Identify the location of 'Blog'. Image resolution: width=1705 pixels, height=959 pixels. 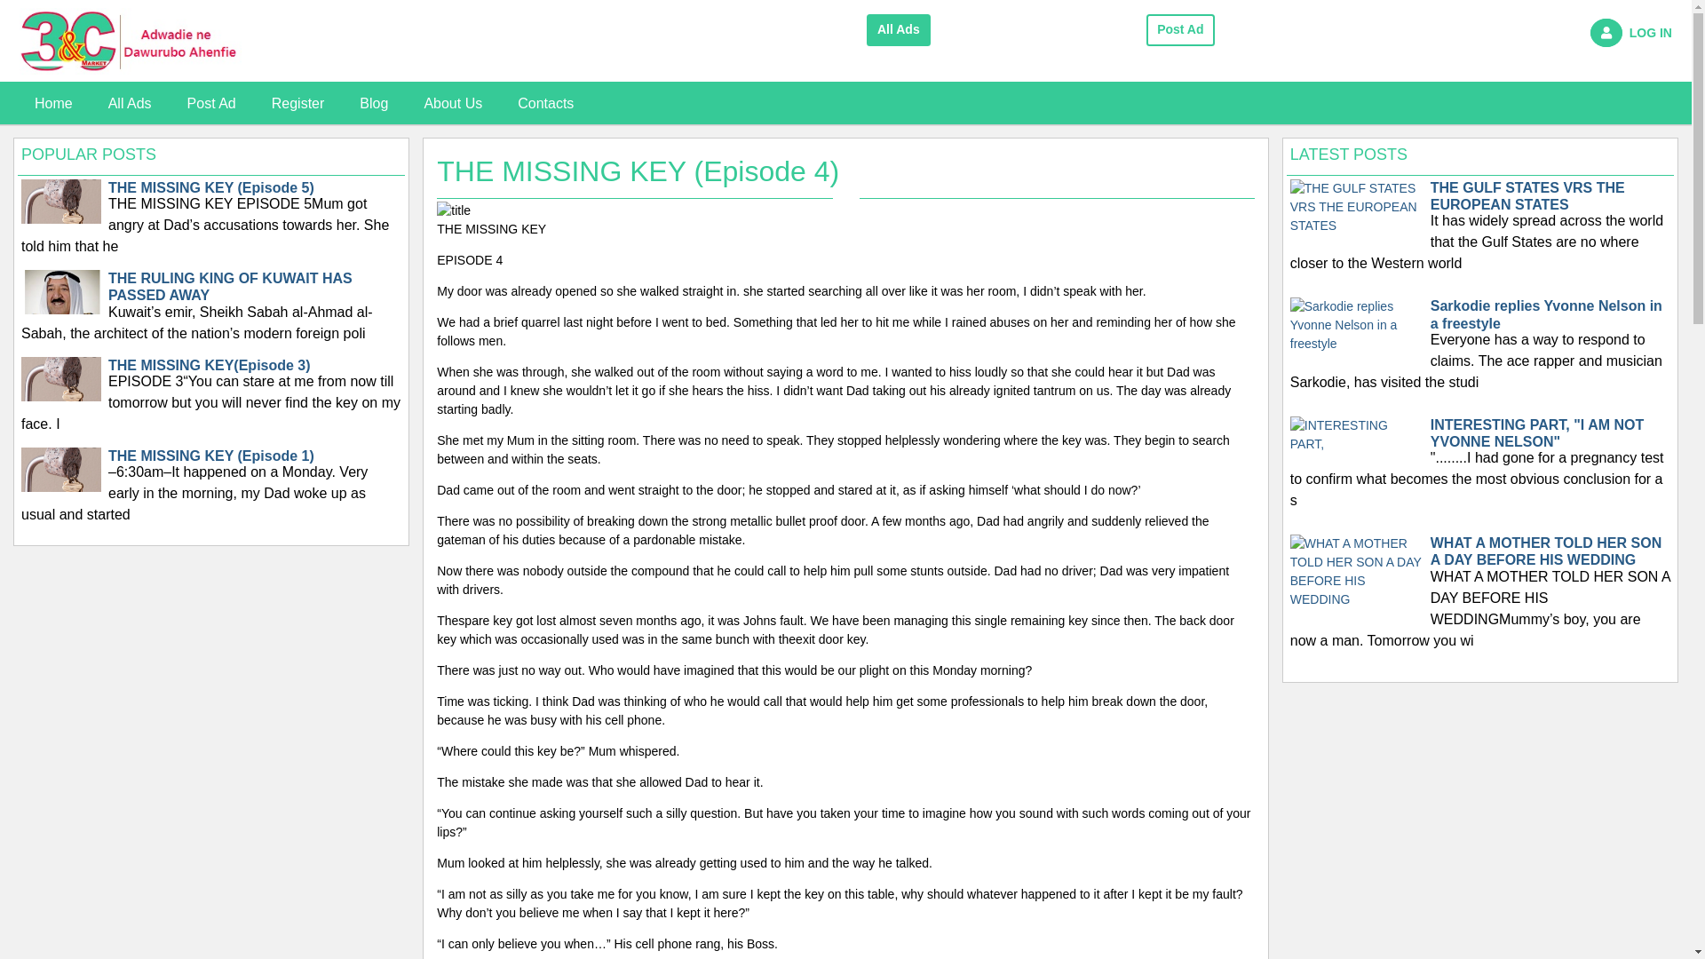
(373, 103).